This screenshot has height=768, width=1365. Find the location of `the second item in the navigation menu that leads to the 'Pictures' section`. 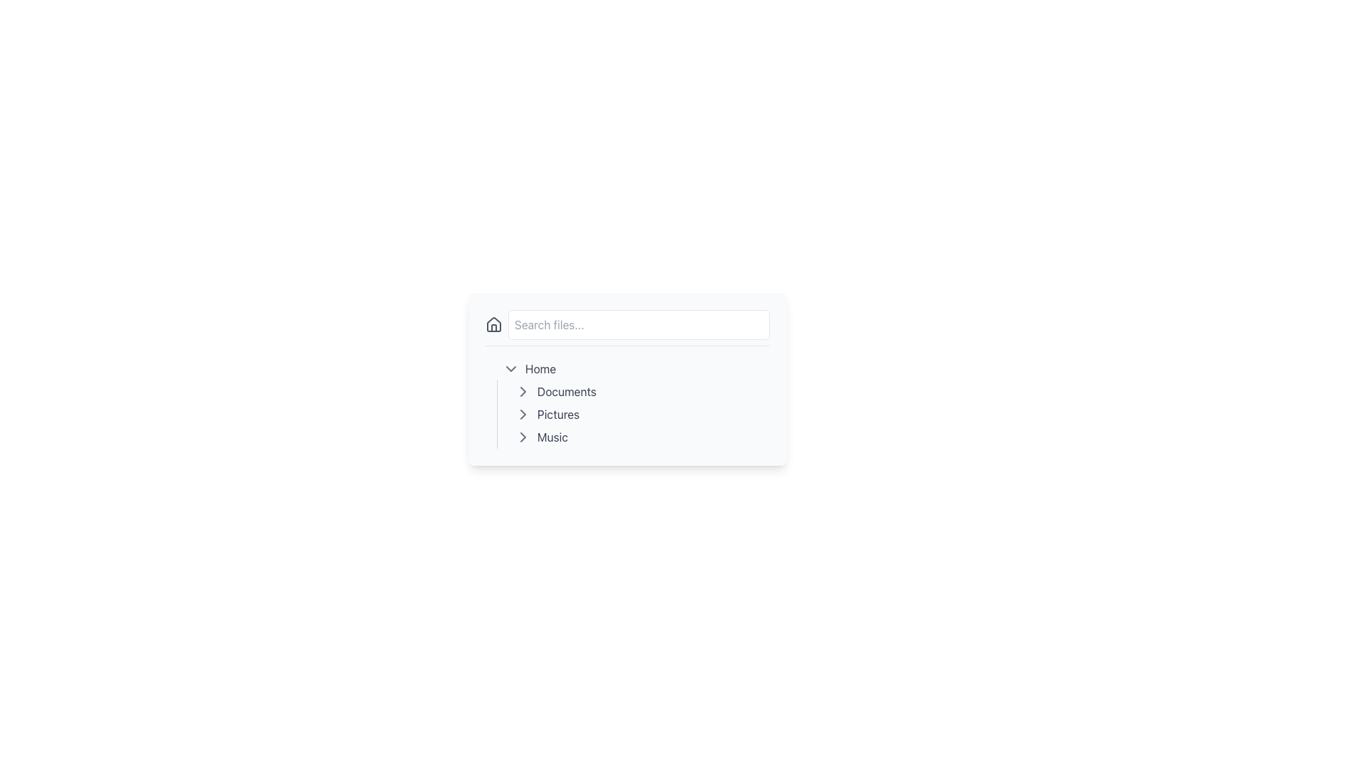

the second item in the navigation menu that leads to the 'Pictures' section is located at coordinates (633, 414).